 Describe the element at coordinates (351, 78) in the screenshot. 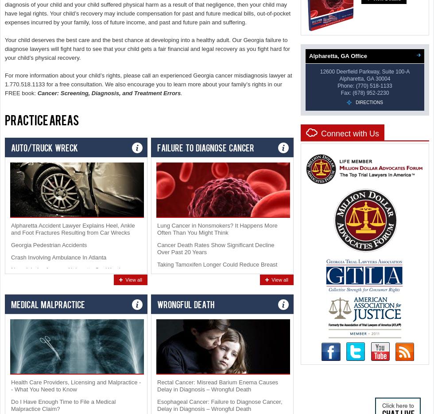

I see `'Alpharetta'` at that location.